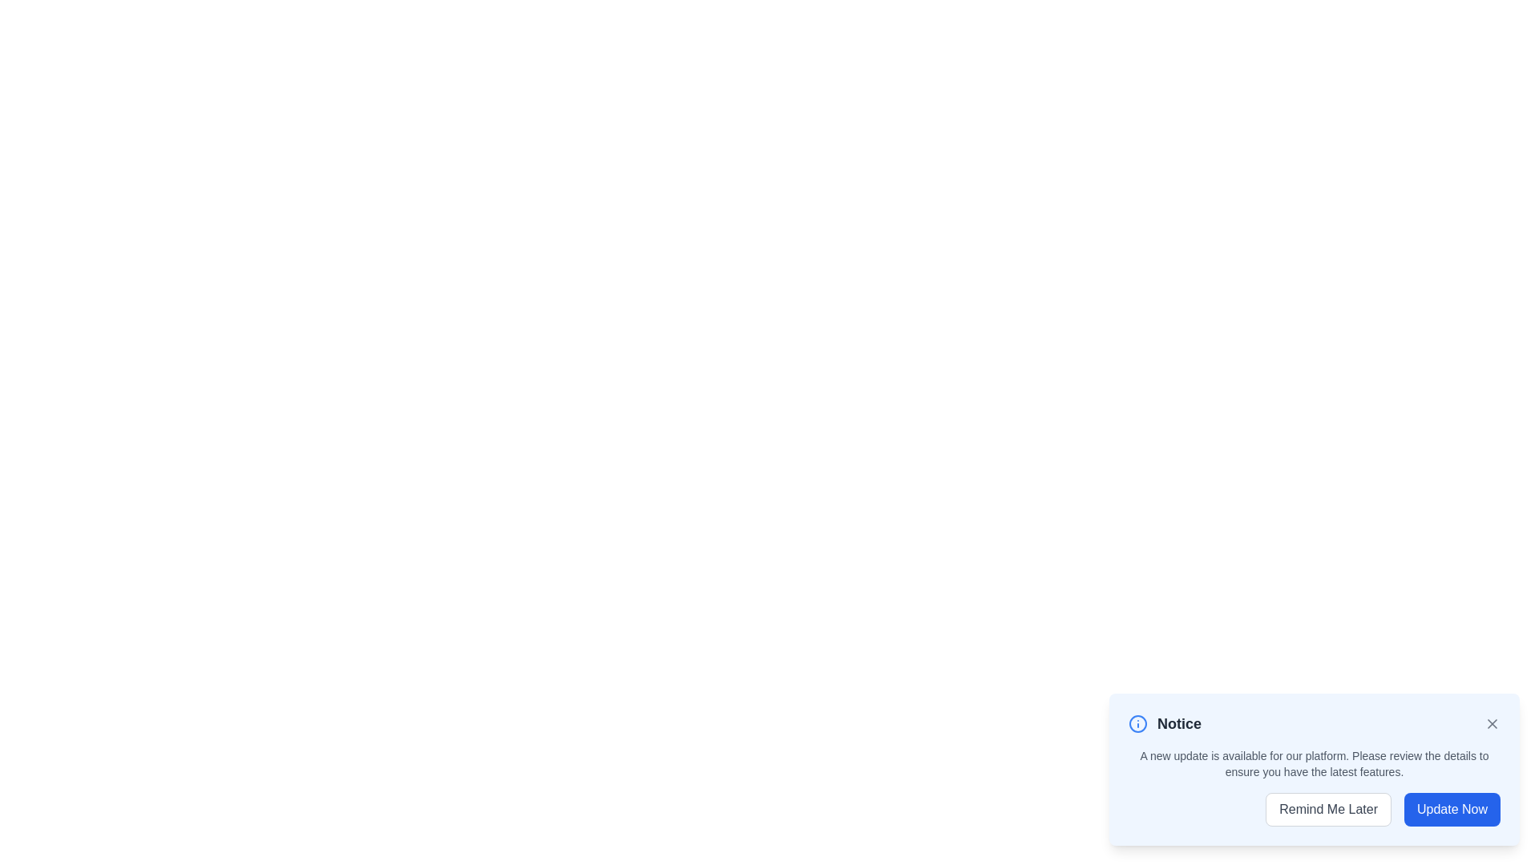 This screenshot has height=865, width=1539. I want to click on close button to dismiss the alert, so click(1492, 723).